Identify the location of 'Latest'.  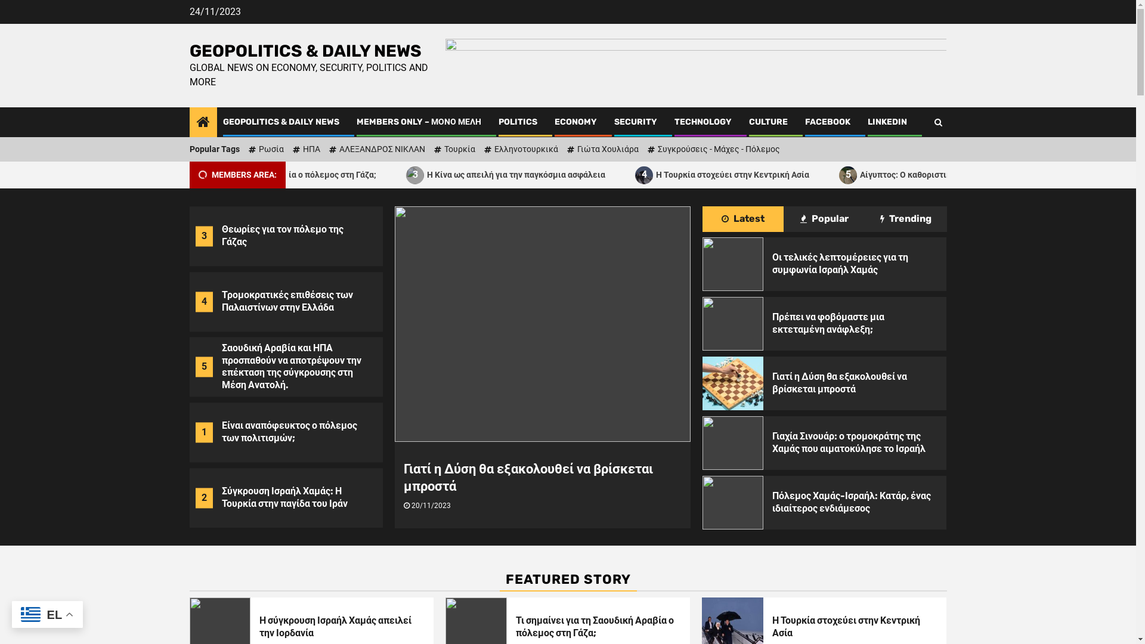
(742, 219).